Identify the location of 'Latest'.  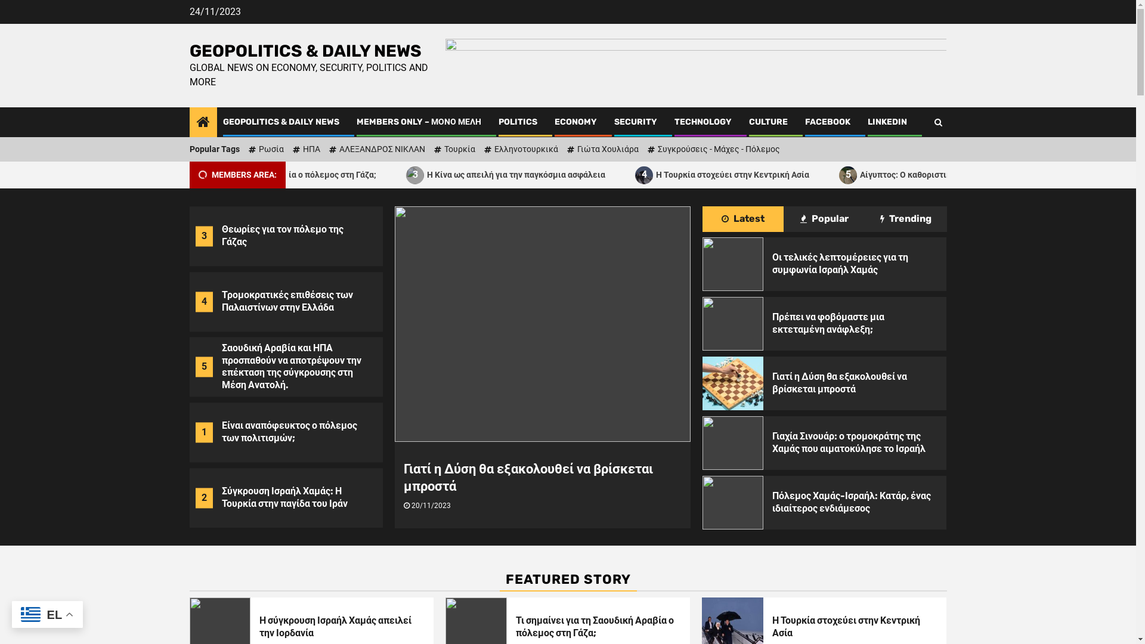
(742, 219).